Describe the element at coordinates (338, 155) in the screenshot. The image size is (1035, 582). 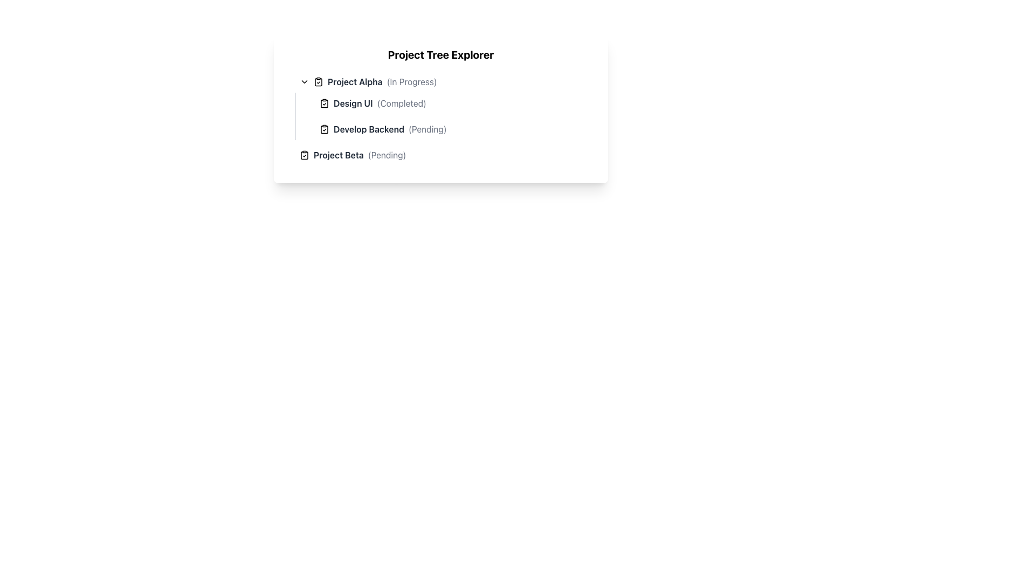
I see `the 'Project Beta' text label in bold, dark-gray font located in the 'Project Tree Explorer' section, situated before the '(Pending)' text and after a clipboard icon` at that location.